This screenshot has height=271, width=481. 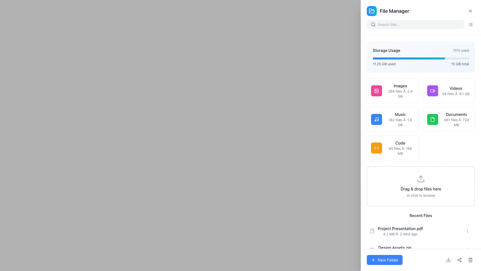 What do you see at coordinates (470, 11) in the screenshot?
I see `the 'X' icon button located in the top right corner of the File Manager interface, which closes or dismisses the current window` at bounding box center [470, 11].